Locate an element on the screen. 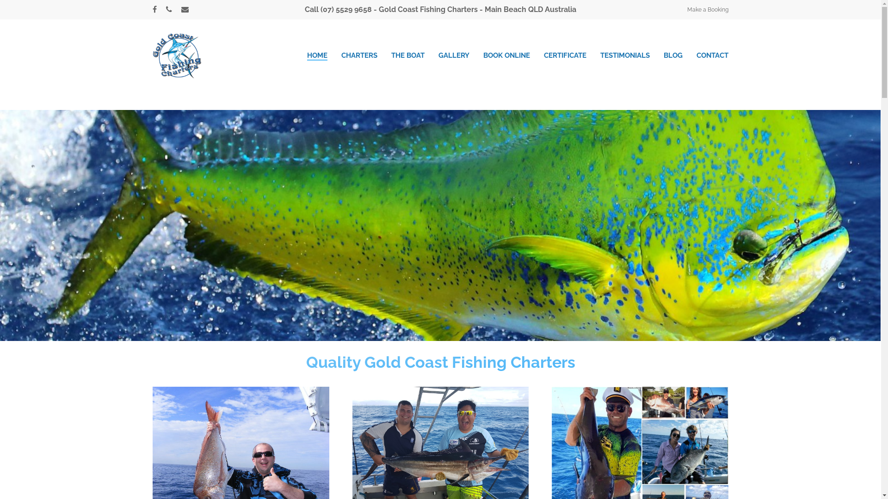  'CERTIFICATE' is located at coordinates (565, 55).